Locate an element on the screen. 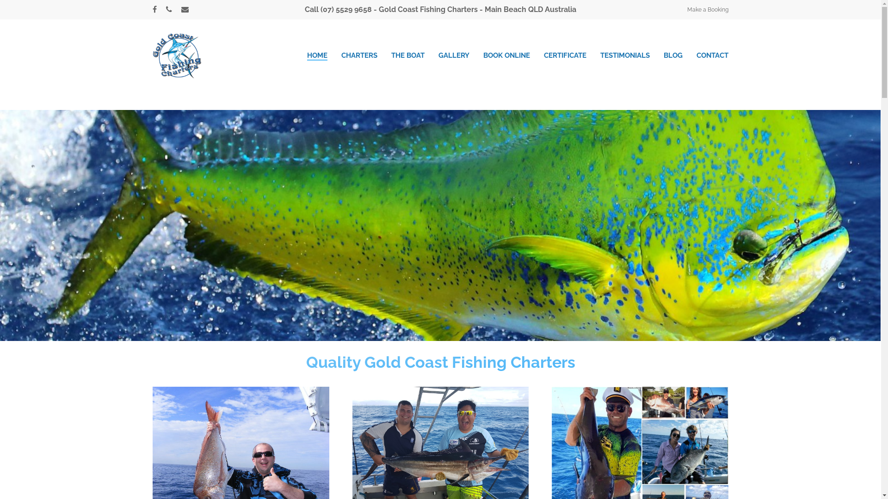  'CERTIFICATE' is located at coordinates (565, 55).